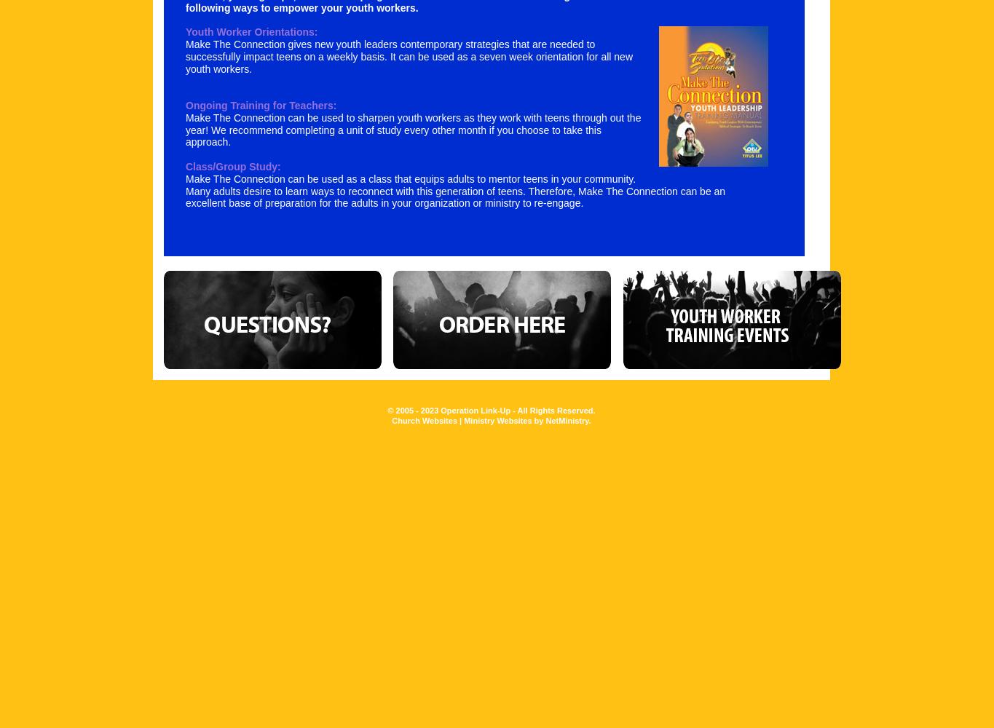  What do you see at coordinates (185, 32) in the screenshot?
I see `'Youth Worker Orientations:'` at bounding box center [185, 32].